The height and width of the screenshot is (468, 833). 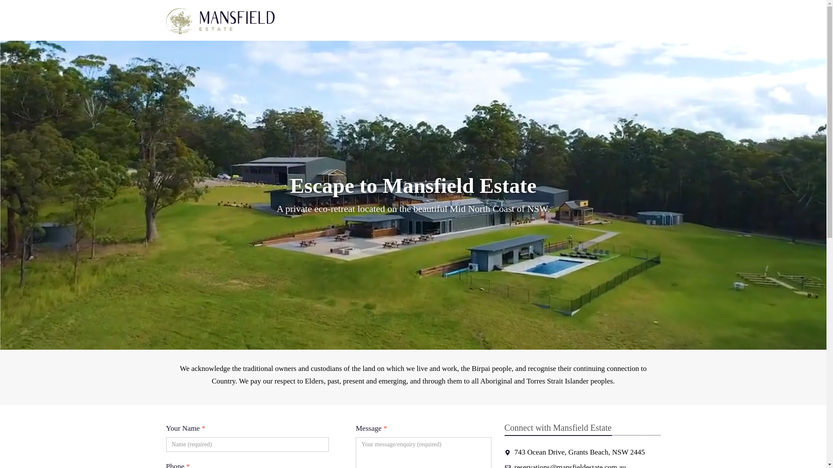 What do you see at coordinates (574, 452) in the screenshot?
I see `'743 Ocean Drive, Grants Beach, NSW 2445'` at bounding box center [574, 452].